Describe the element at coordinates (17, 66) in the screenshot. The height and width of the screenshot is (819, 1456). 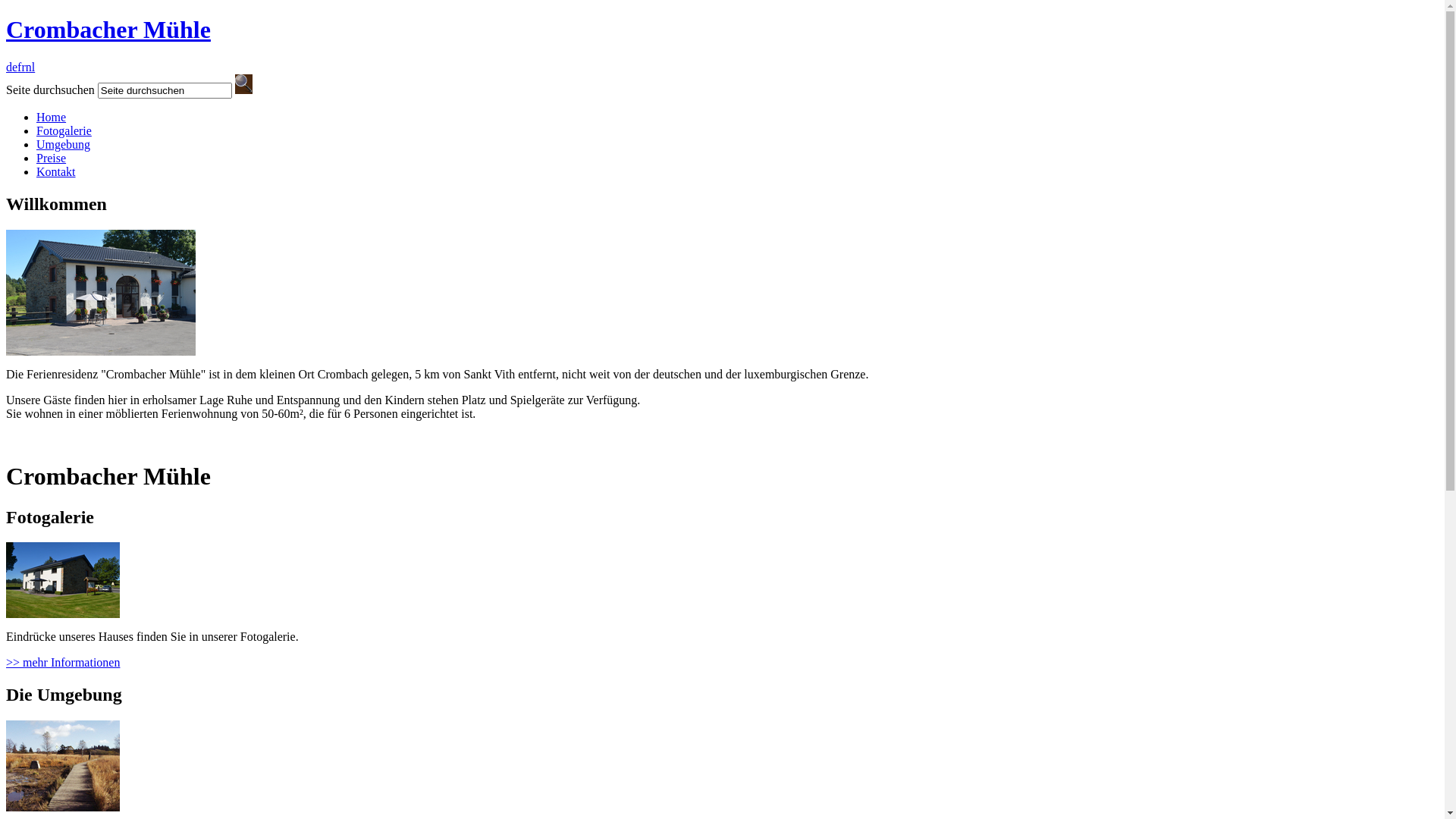
I see `'fr'` at that location.